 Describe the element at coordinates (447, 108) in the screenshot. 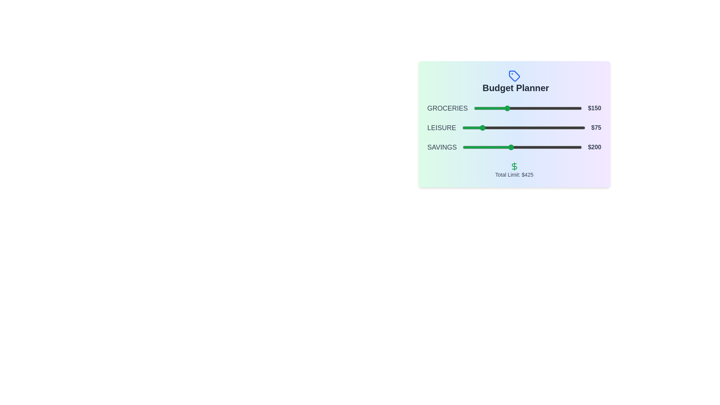

I see `the category name groceries to display additional details` at that location.